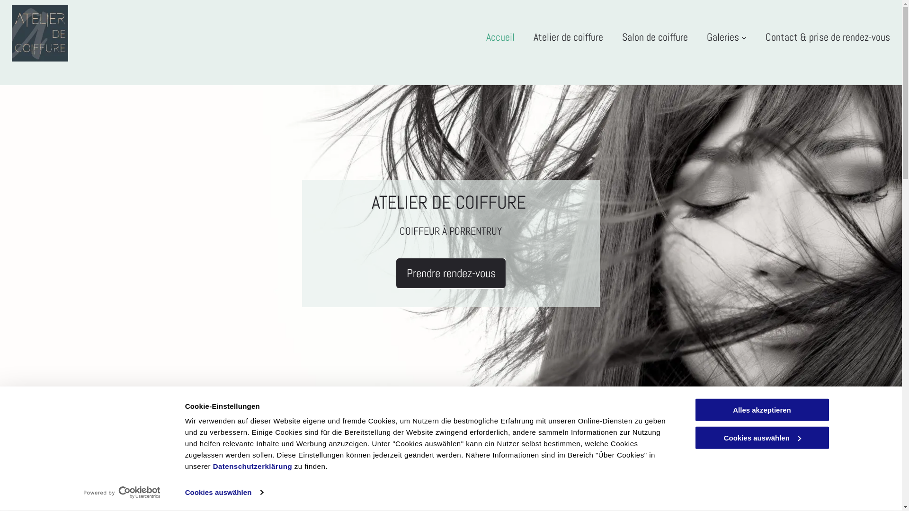  What do you see at coordinates (451, 273) in the screenshot?
I see `'Prendre rendez-vous'` at bounding box center [451, 273].